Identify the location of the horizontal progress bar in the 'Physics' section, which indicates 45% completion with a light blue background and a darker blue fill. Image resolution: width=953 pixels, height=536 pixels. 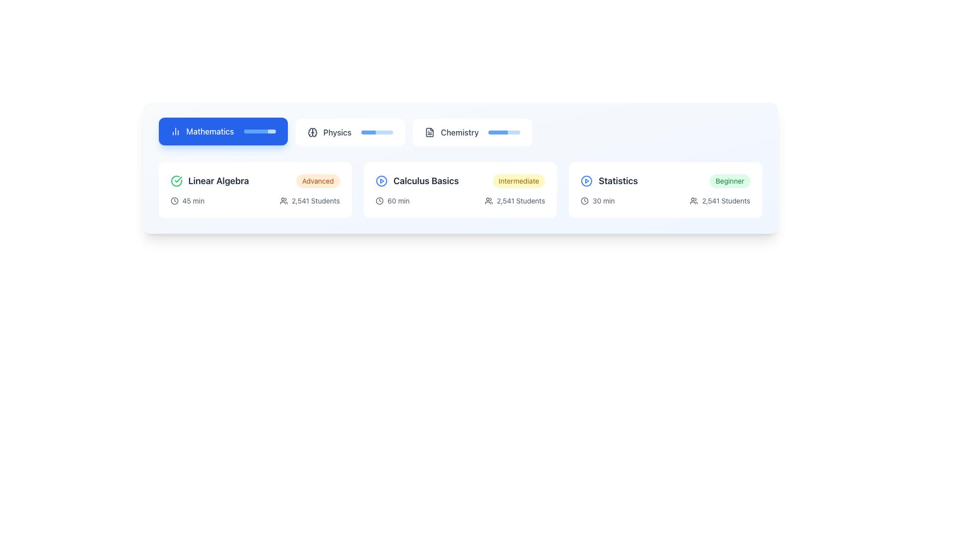
(377, 132).